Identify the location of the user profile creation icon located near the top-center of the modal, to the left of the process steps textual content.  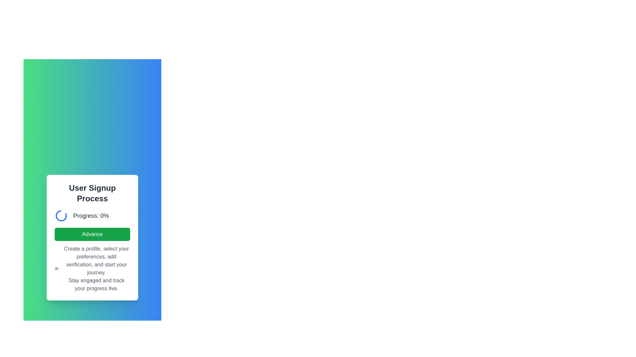
(57, 269).